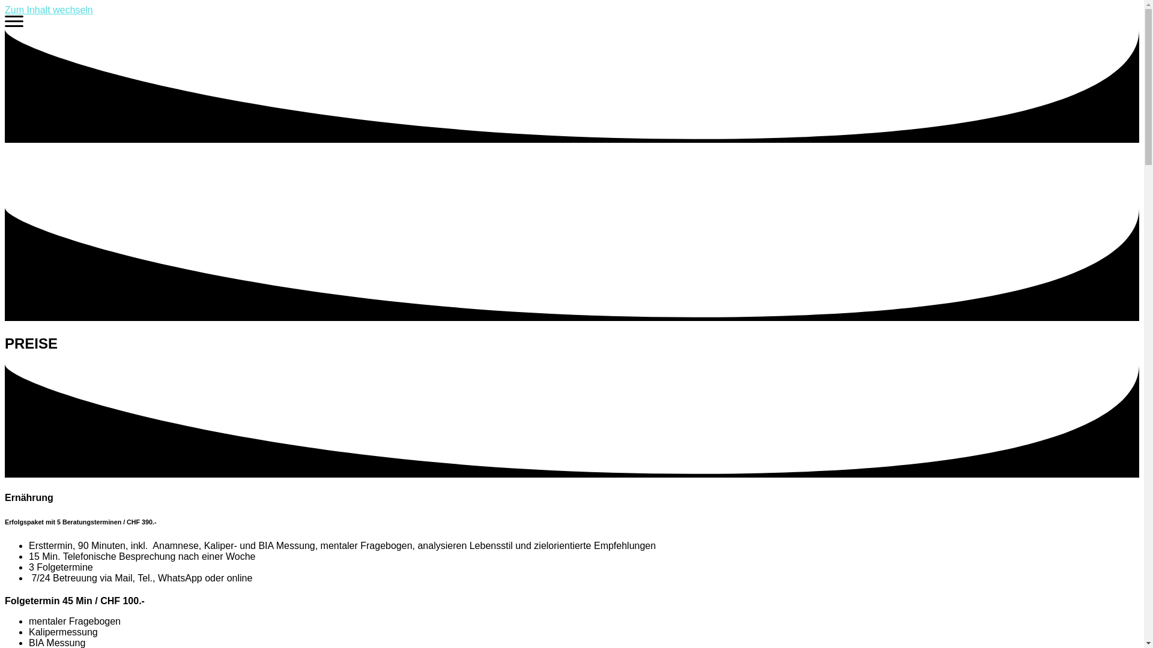 The image size is (1153, 648). I want to click on 'logo_br_500', so click(5, 175).